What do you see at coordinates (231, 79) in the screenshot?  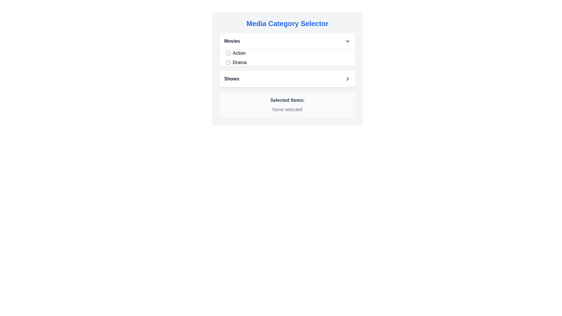 I see `the text label indicating the category 'Shows' located in the 'Media Category Selector' section, situated to the left of an arrow icon` at bounding box center [231, 79].